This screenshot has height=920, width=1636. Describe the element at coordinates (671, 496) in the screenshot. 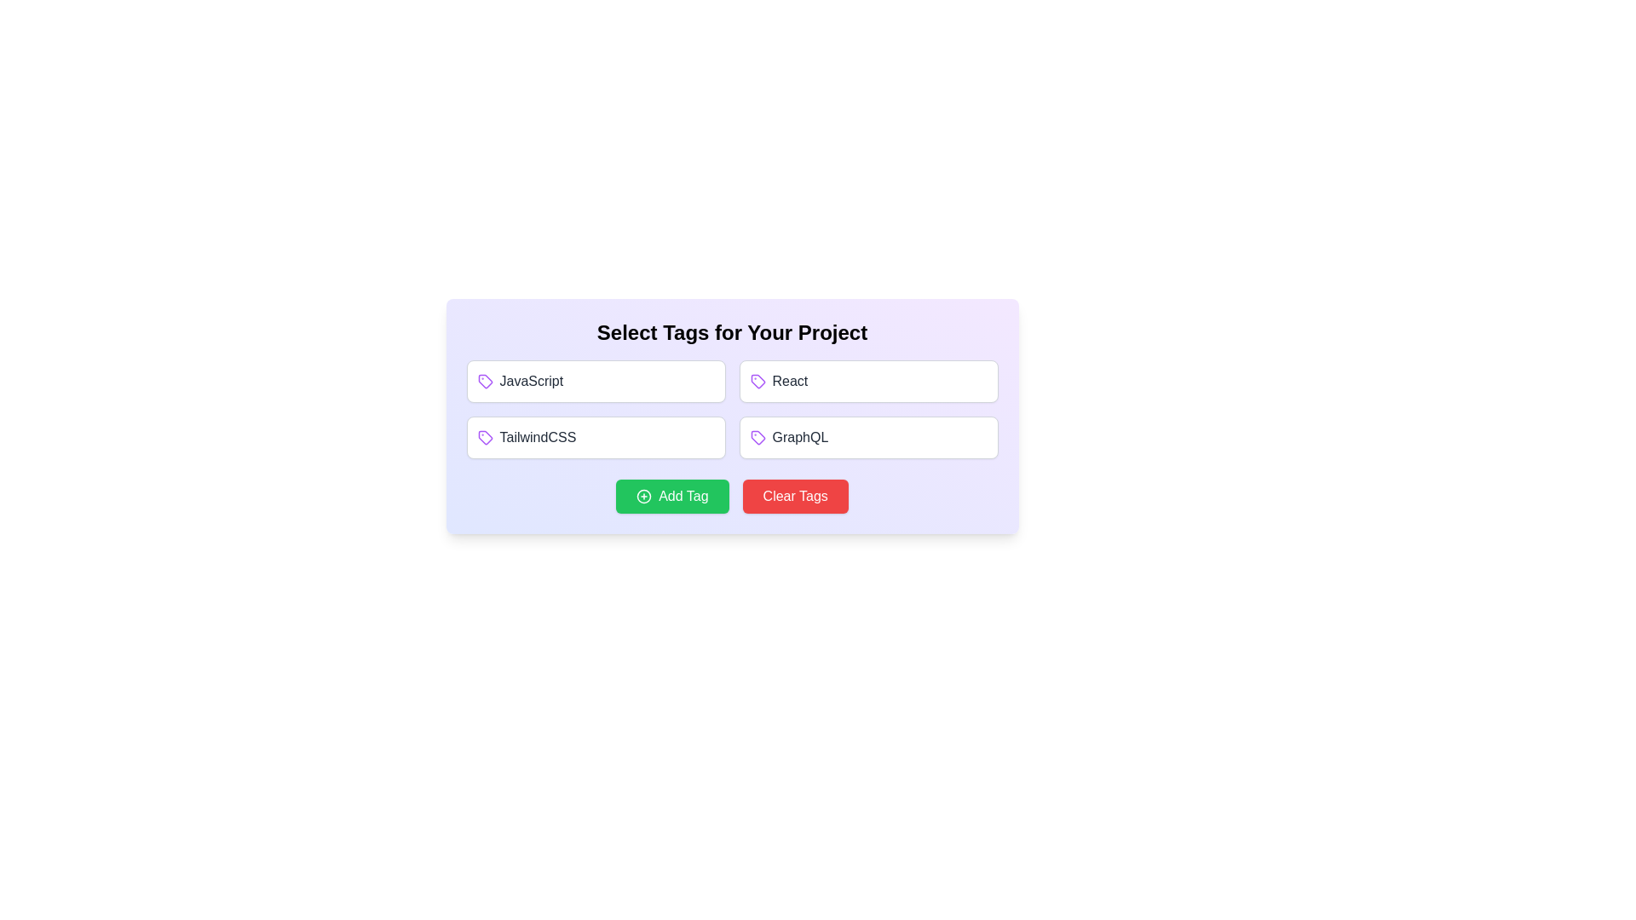

I see `the 'Add Tag' button to add a new tag` at that location.